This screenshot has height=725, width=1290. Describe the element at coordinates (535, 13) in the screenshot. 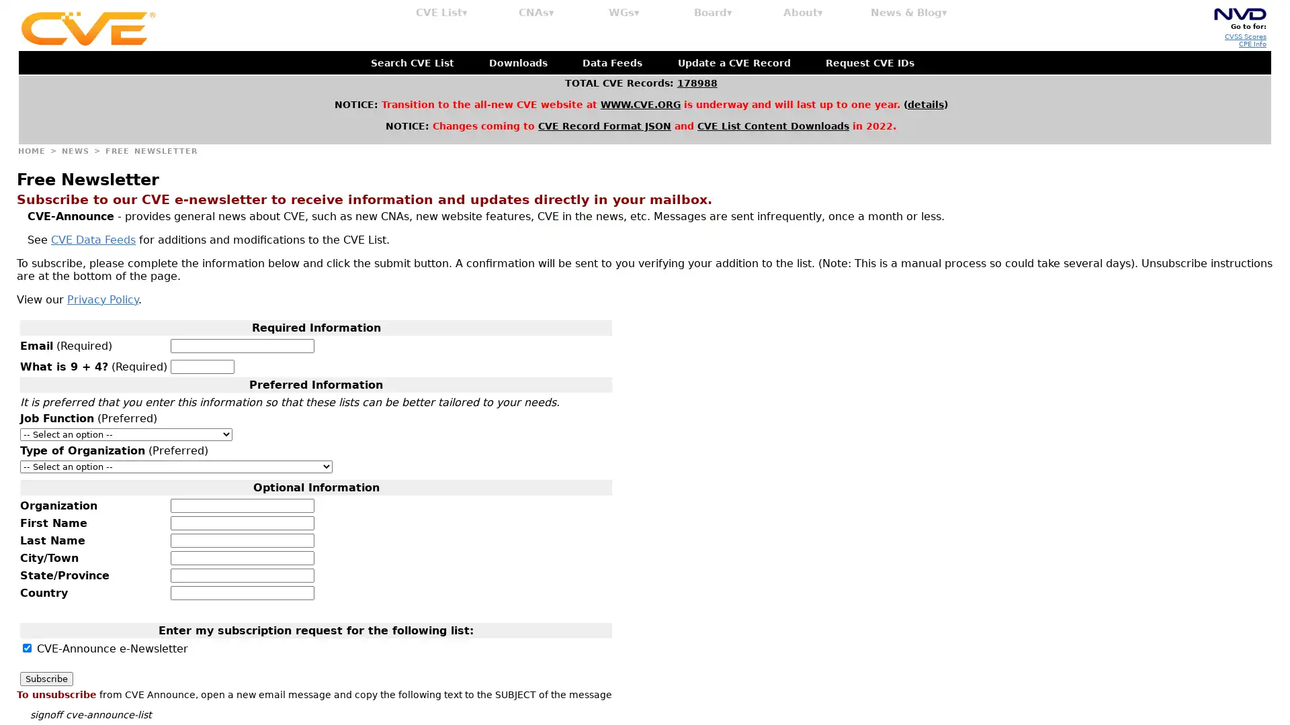

I see `CNAs` at that location.